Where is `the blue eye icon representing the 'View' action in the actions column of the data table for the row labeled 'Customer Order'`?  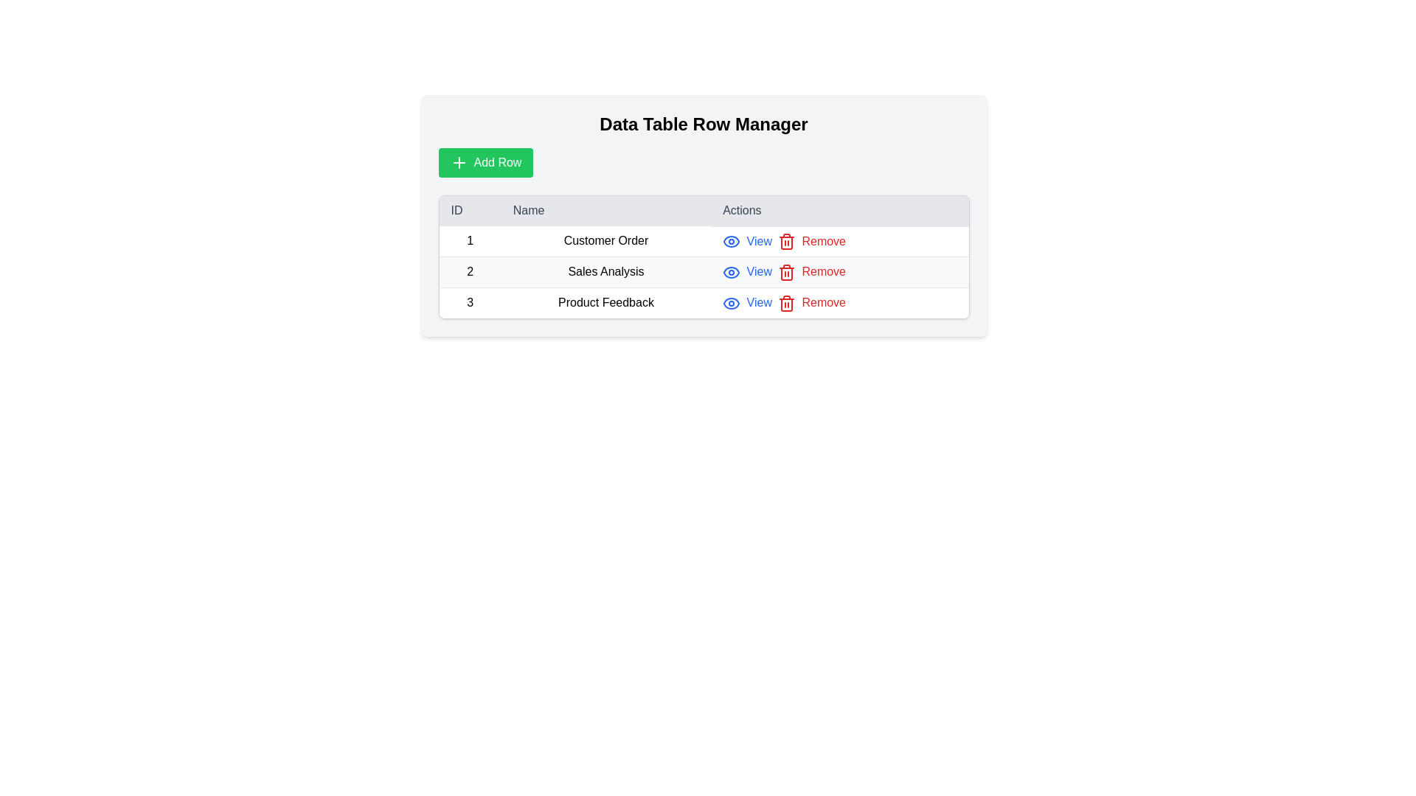
the blue eye icon representing the 'View' action in the actions column of the data table for the row labeled 'Customer Order' is located at coordinates (732, 241).